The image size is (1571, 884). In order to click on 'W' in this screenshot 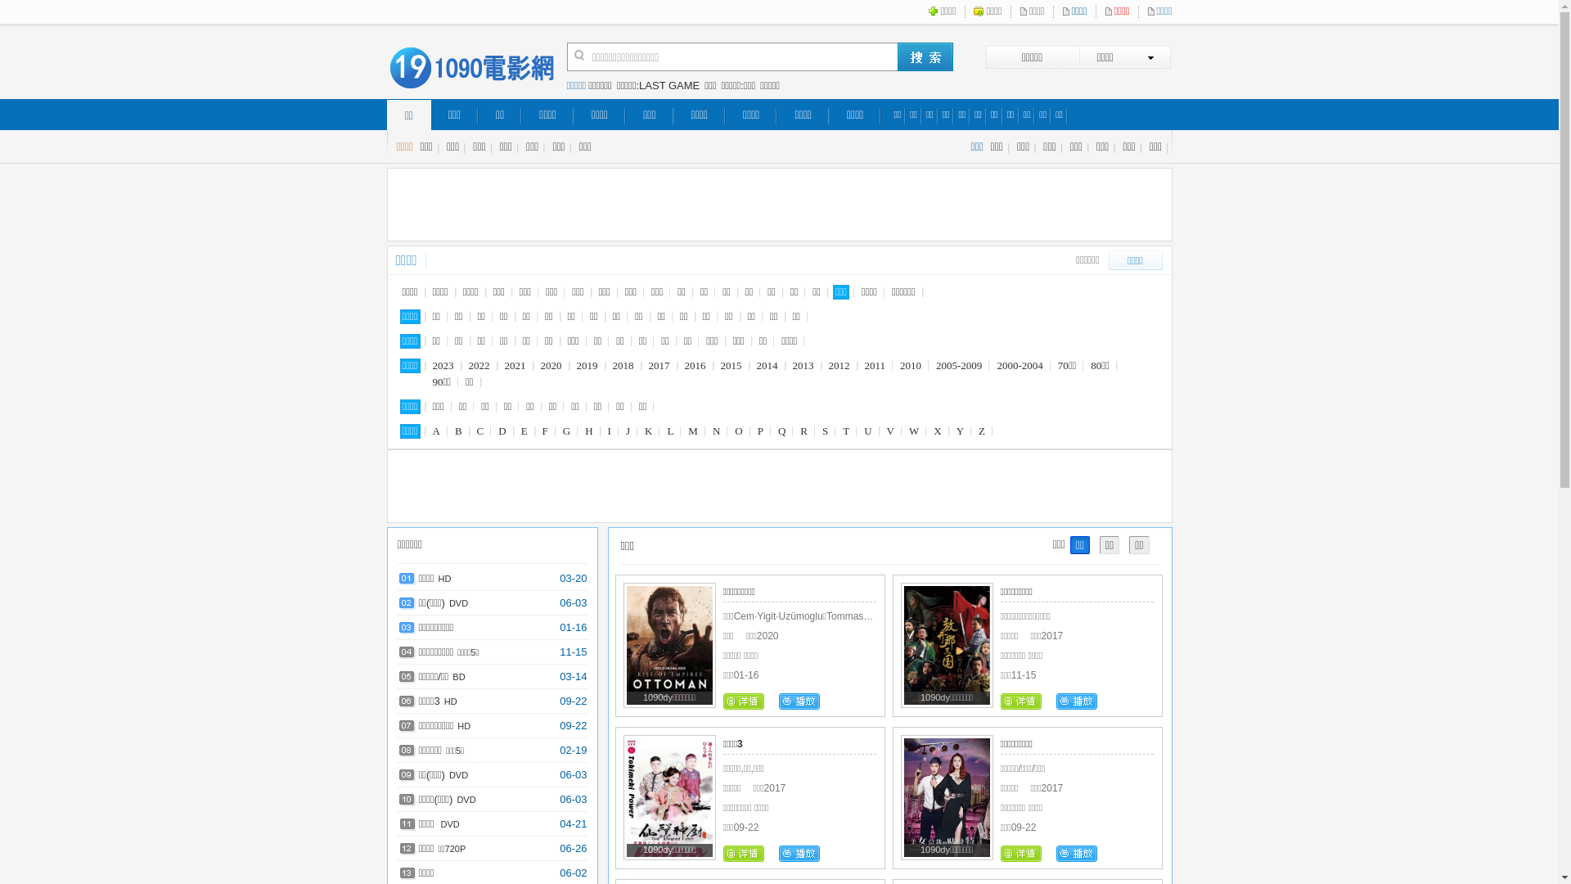, I will do `click(913, 431)`.